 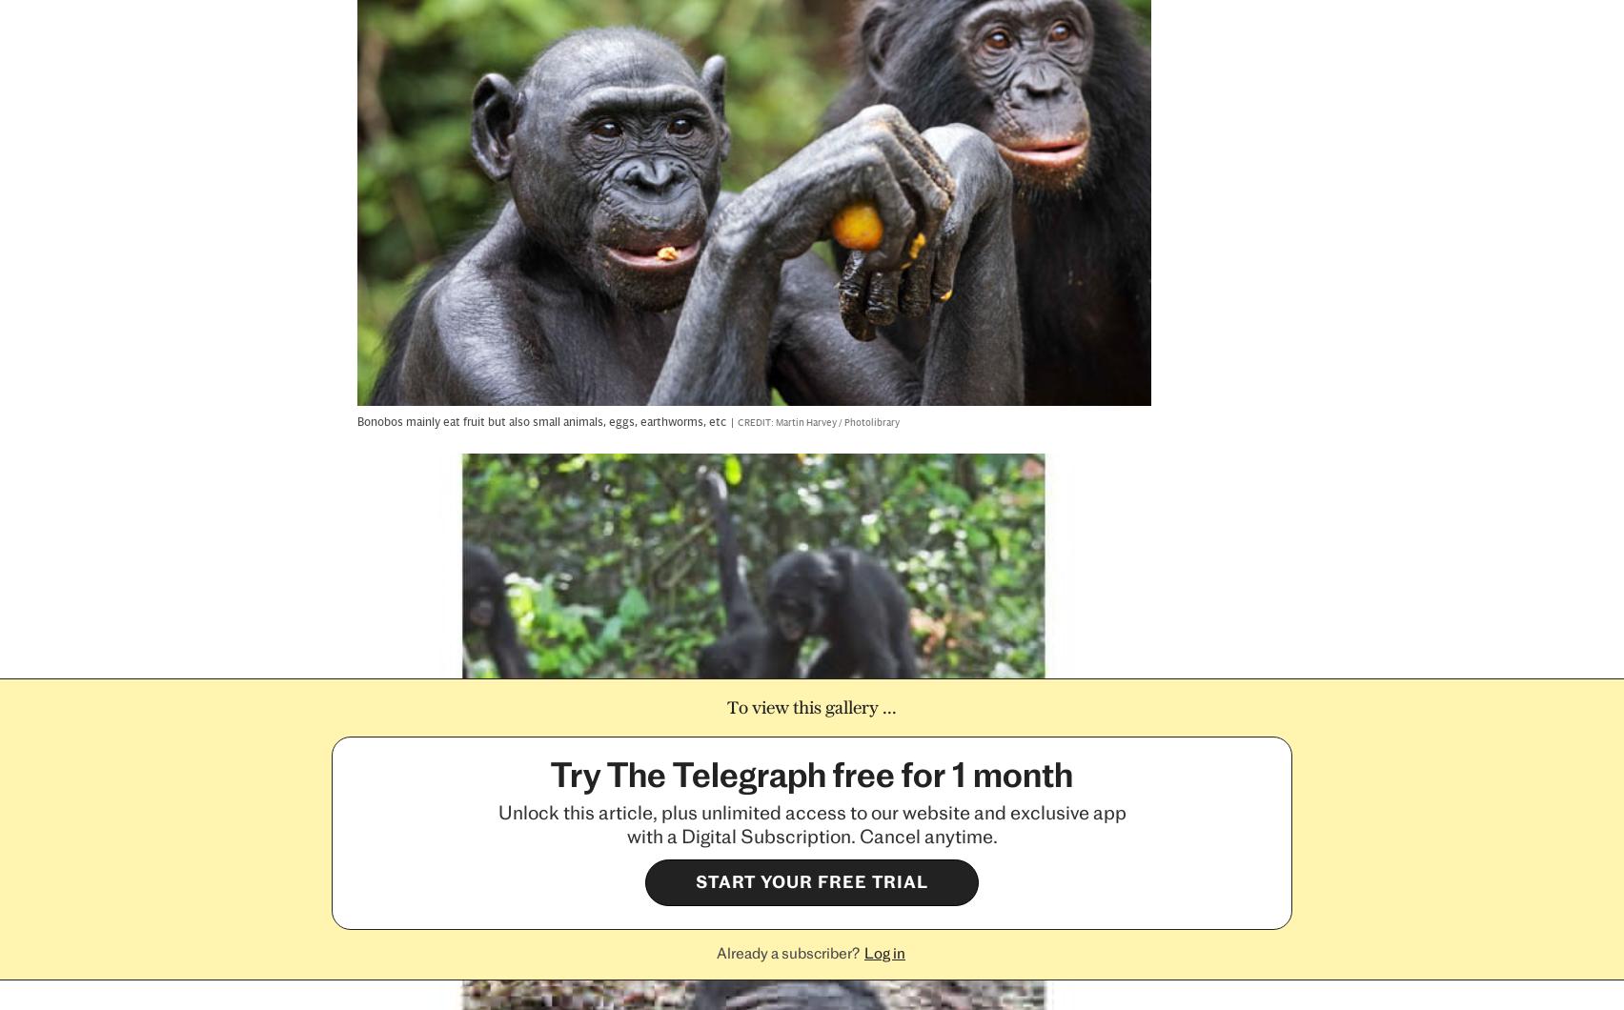 What do you see at coordinates (460, 847) in the screenshot?
I see `'Modern Slavery'` at bounding box center [460, 847].